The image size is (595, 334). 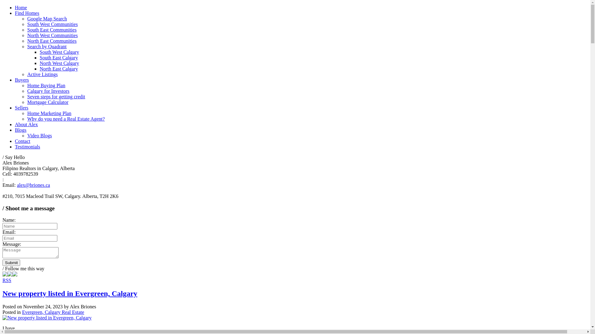 What do you see at coordinates (59, 69) in the screenshot?
I see `'North East Calgary'` at bounding box center [59, 69].